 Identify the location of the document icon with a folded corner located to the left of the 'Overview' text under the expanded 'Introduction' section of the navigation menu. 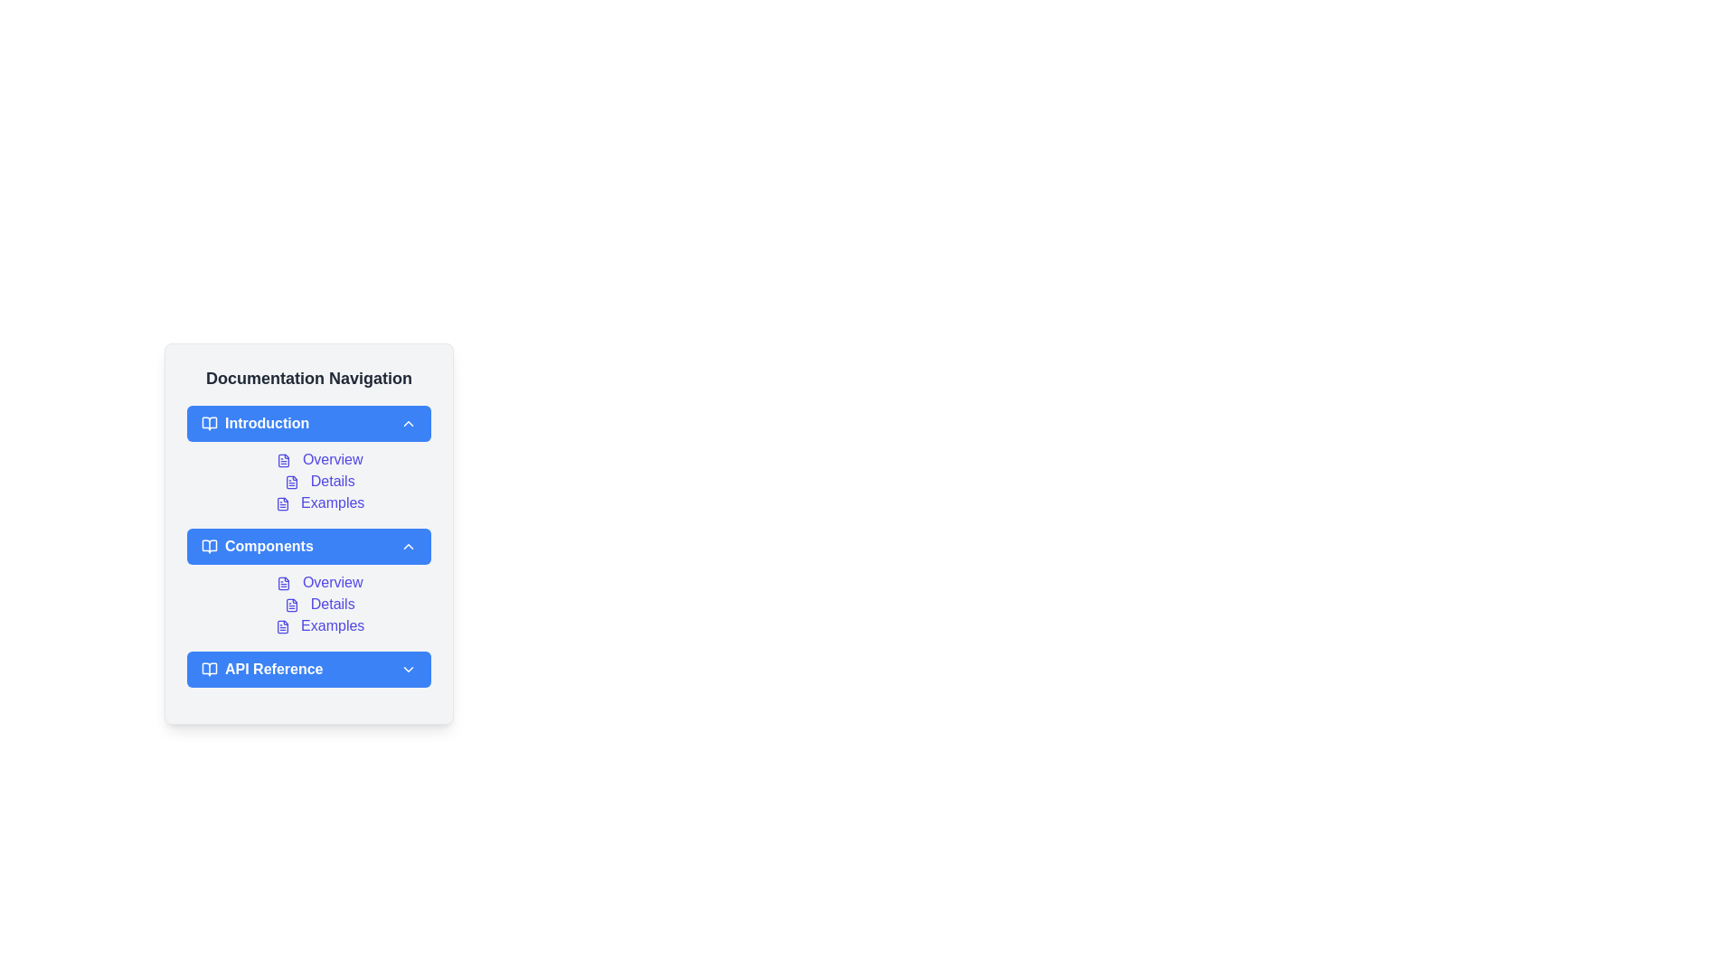
(283, 459).